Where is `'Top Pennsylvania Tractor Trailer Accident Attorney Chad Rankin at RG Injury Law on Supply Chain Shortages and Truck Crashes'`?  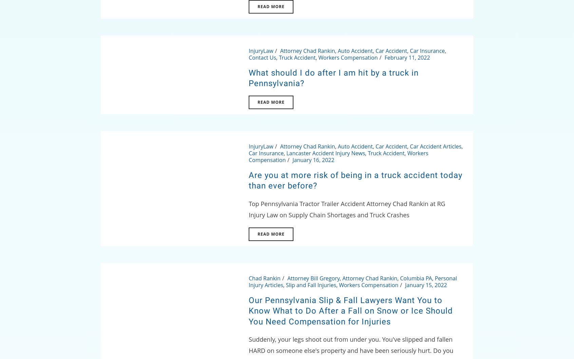
'Top Pennsylvania Tractor Trailer Accident Attorney Chad Rankin at RG Injury Law on Supply Chain Shortages and Truck Crashes' is located at coordinates (346, 208).